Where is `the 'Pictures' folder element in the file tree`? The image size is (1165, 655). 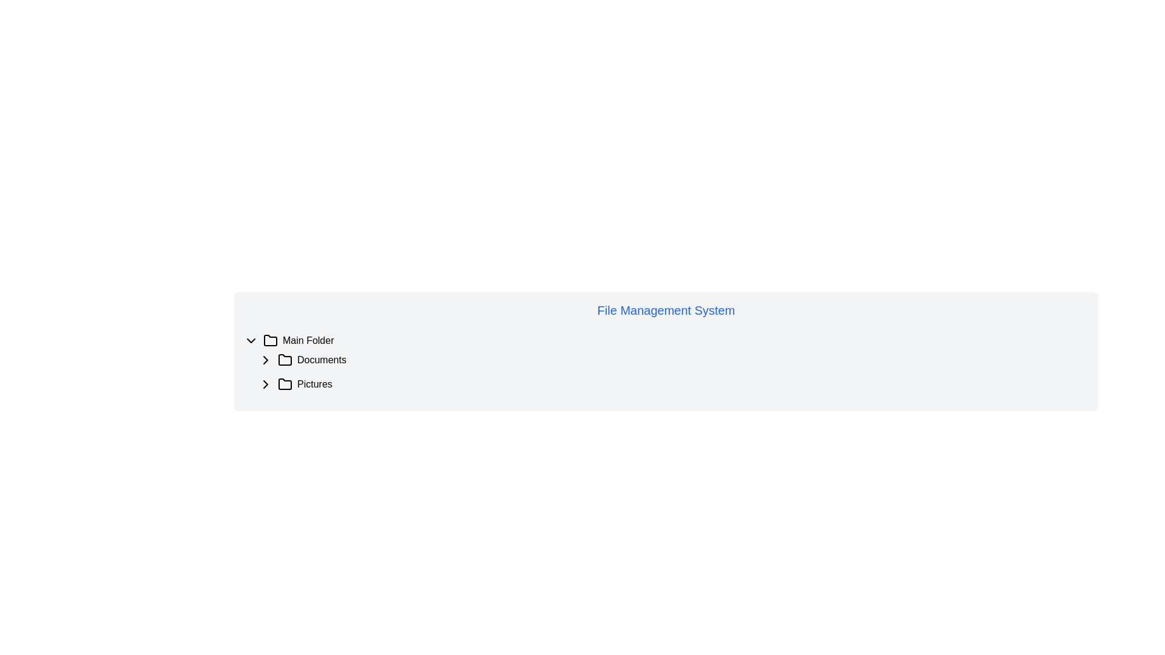
the 'Pictures' folder element in the file tree is located at coordinates (305, 384).